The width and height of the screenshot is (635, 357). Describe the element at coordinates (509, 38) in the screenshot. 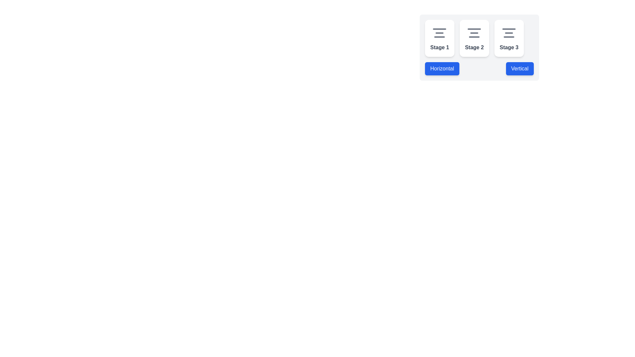

I see `the 'Stage 3' card, which is a rectangular card with rounded corners and an icon of horizontal lines at the top center` at that location.